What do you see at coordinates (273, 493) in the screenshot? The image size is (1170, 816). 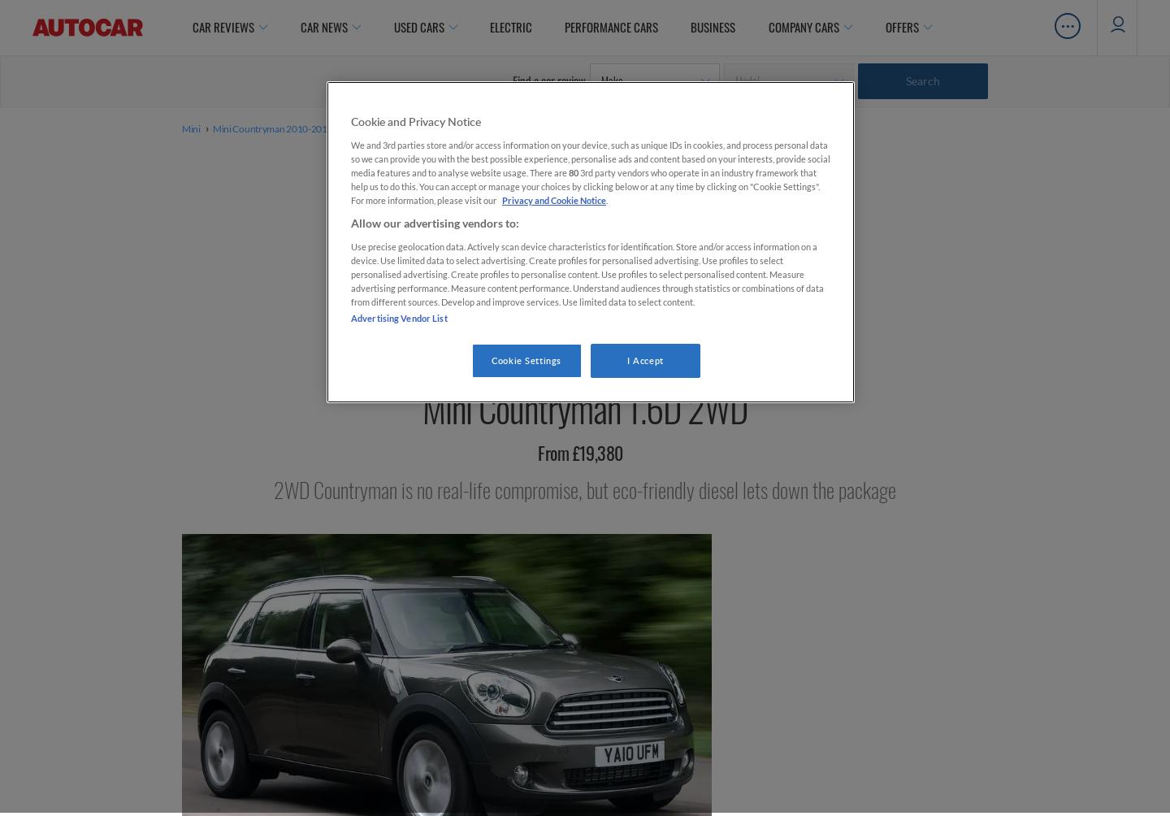 I see `'2WD Countryman is no real-life compromise, but eco-friendly diesel lets down the package'` at bounding box center [273, 493].